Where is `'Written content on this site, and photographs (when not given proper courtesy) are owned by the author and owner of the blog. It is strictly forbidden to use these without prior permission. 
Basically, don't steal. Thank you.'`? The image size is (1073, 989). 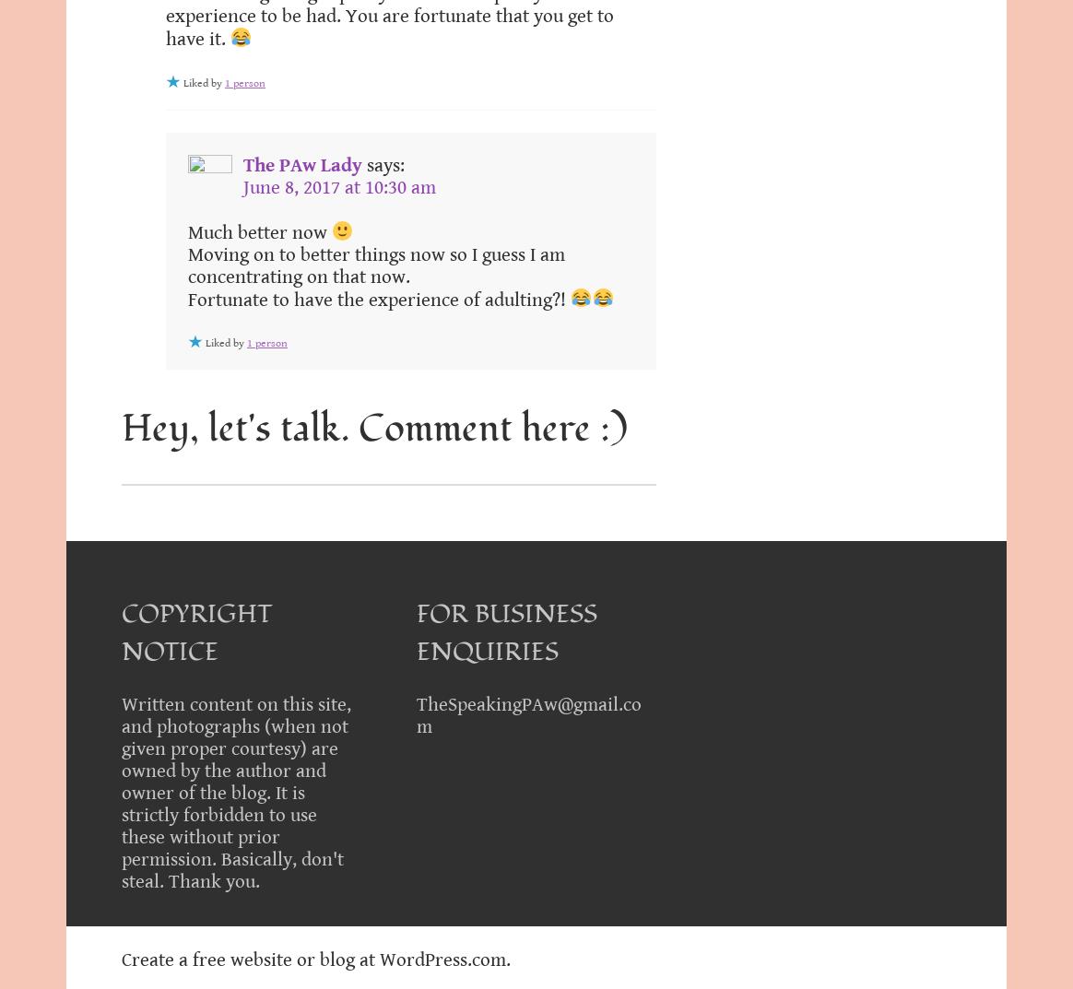
'Written content on this site, and photographs (when not given proper courtesy) are owned by the author and owner of the blog. It is strictly forbidden to use these without prior permission. 
Basically, don't steal. Thank you.' is located at coordinates (235, 792).